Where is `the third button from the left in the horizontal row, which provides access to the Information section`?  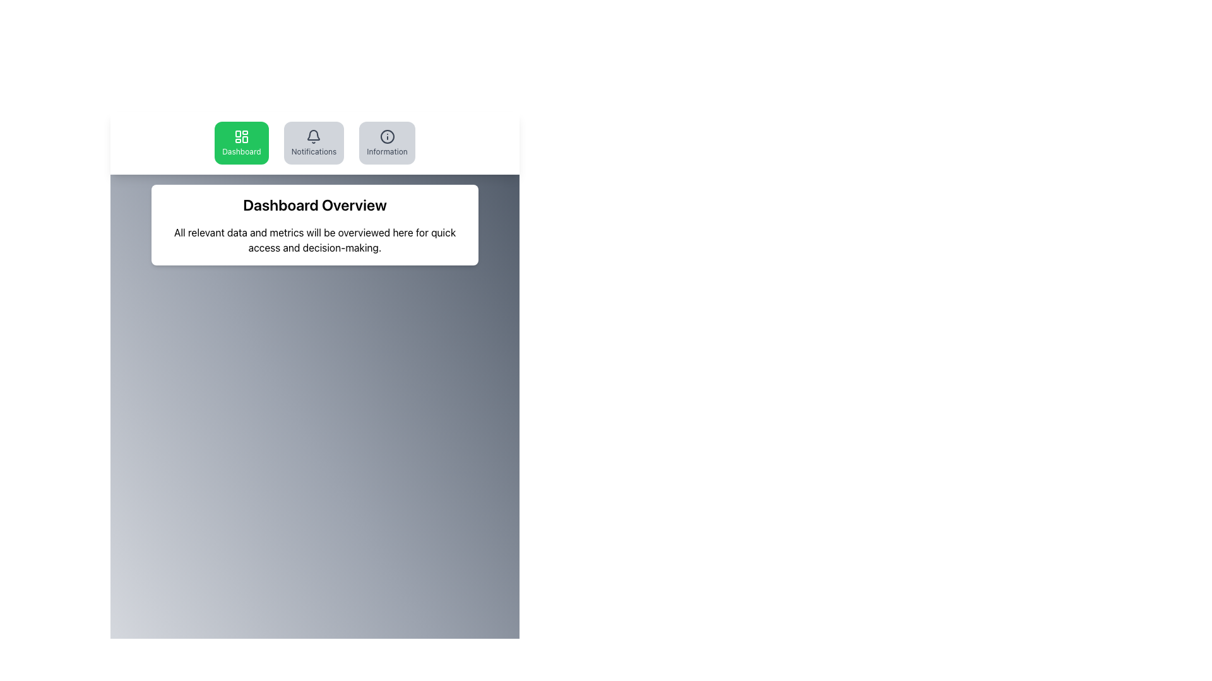
the third button from the left in the horizontal row, which provides access to the Information section is located at coordinates (386, 143).